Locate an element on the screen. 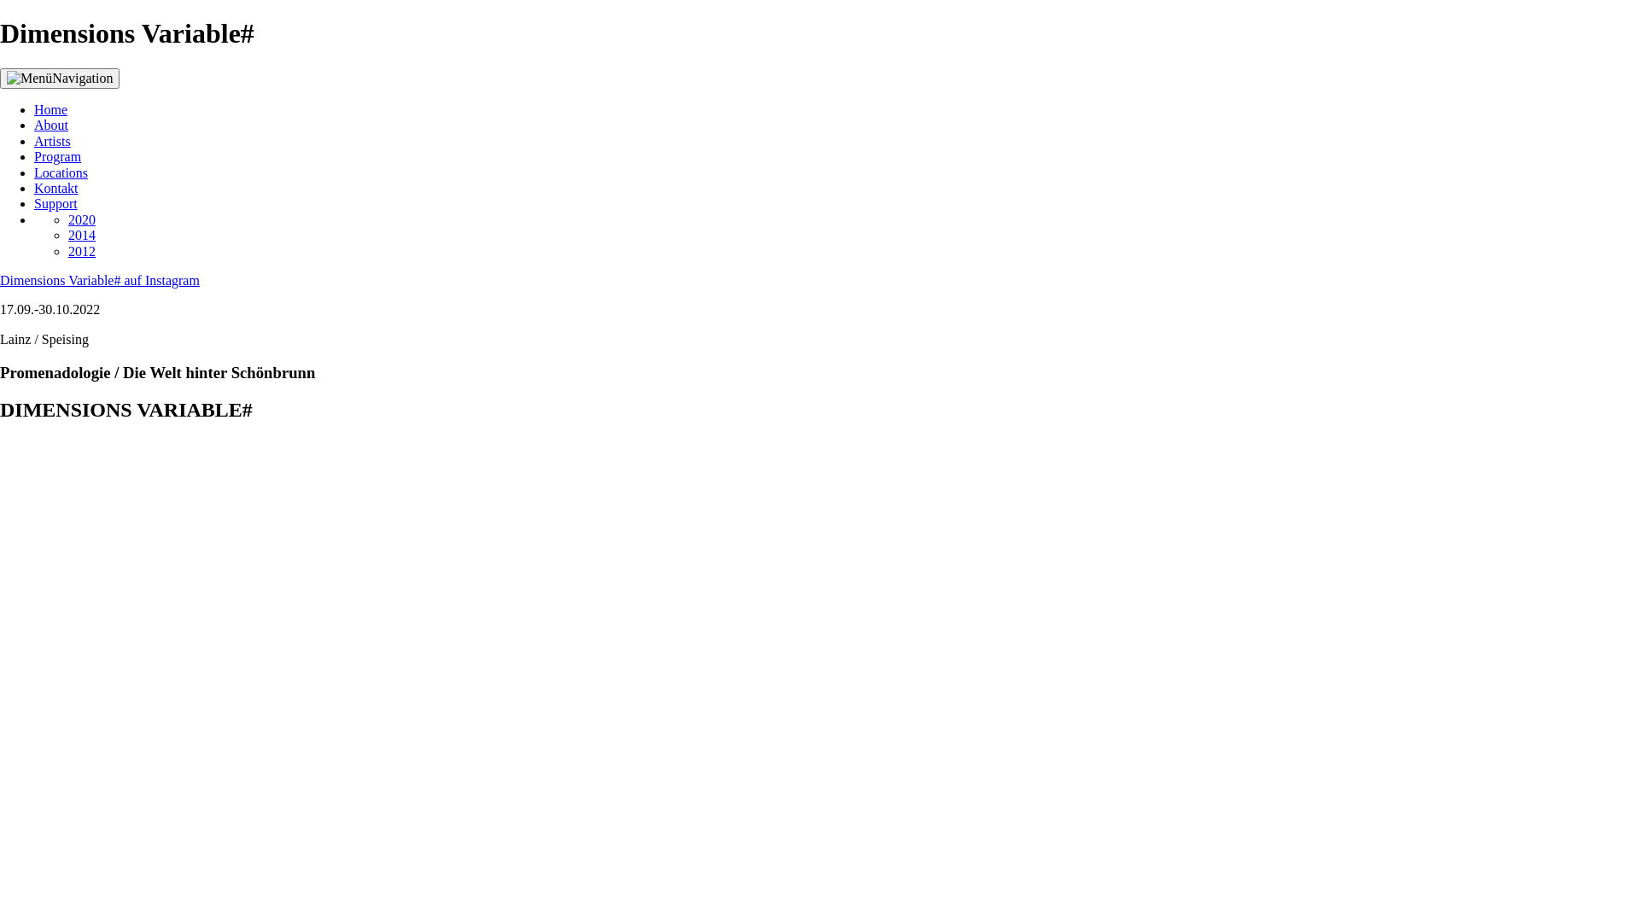 The width and height of the screenshot is (1639, 922). 'Artists' is located at coordinates (52, 140).